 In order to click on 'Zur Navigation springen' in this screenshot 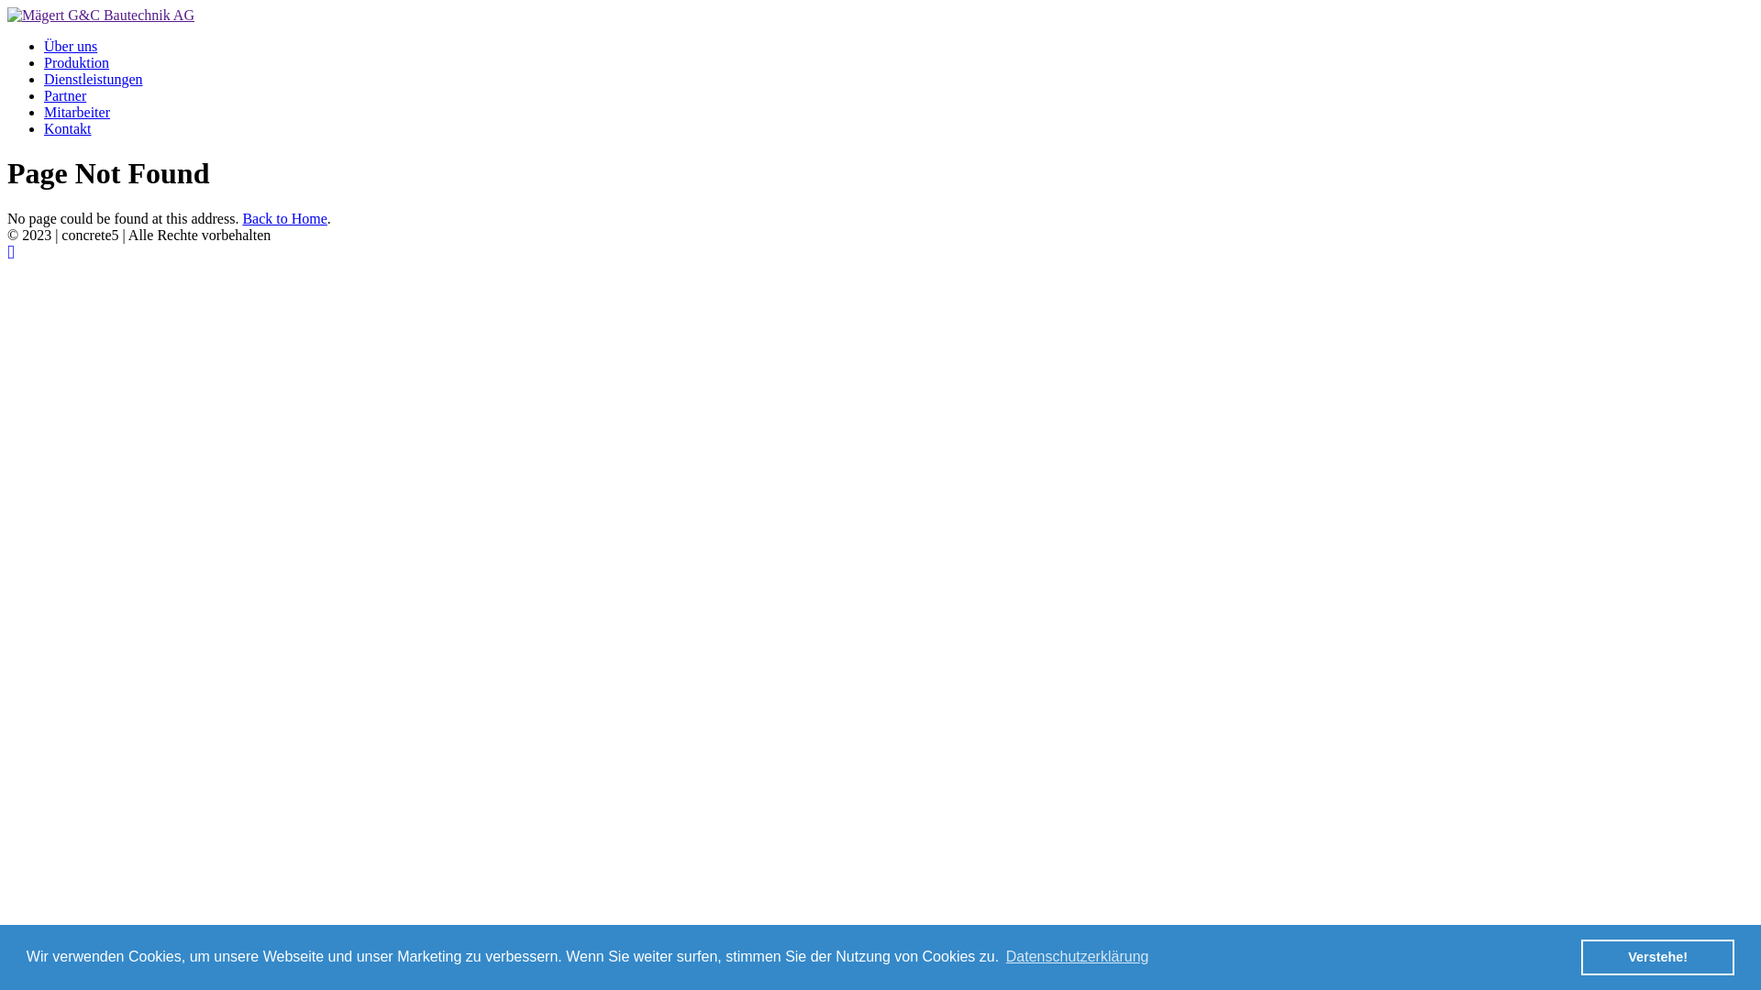, I will do `click(11, 251)`.